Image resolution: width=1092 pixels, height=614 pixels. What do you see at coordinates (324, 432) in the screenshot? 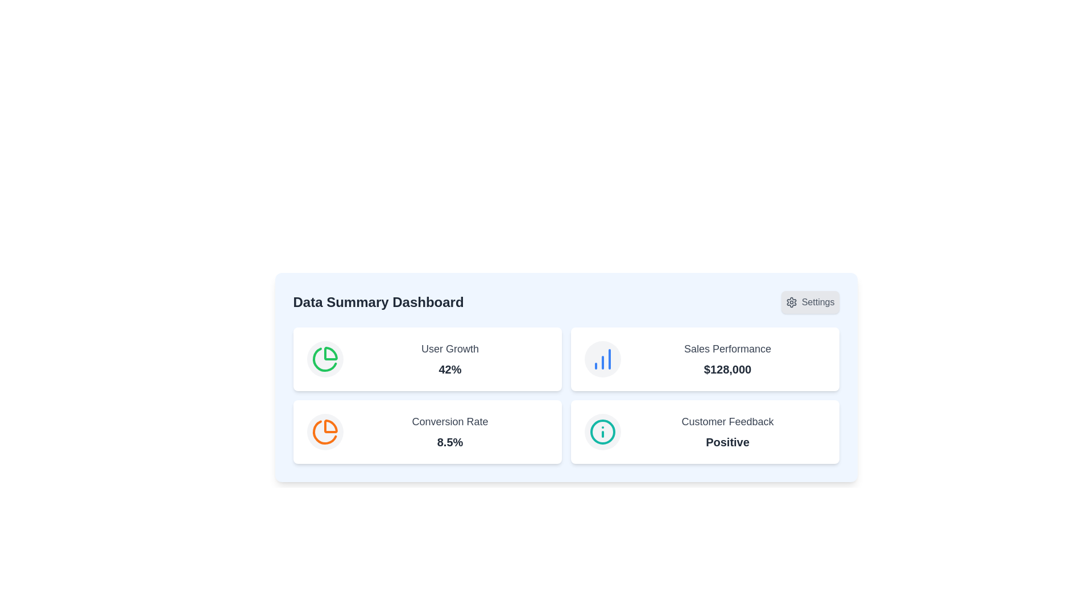
I see `the pie chart icon representing the 'Conversion Rate' metric, located in the 'Conversion Rate' section of the dashboard` at bounding box center [324, 432].